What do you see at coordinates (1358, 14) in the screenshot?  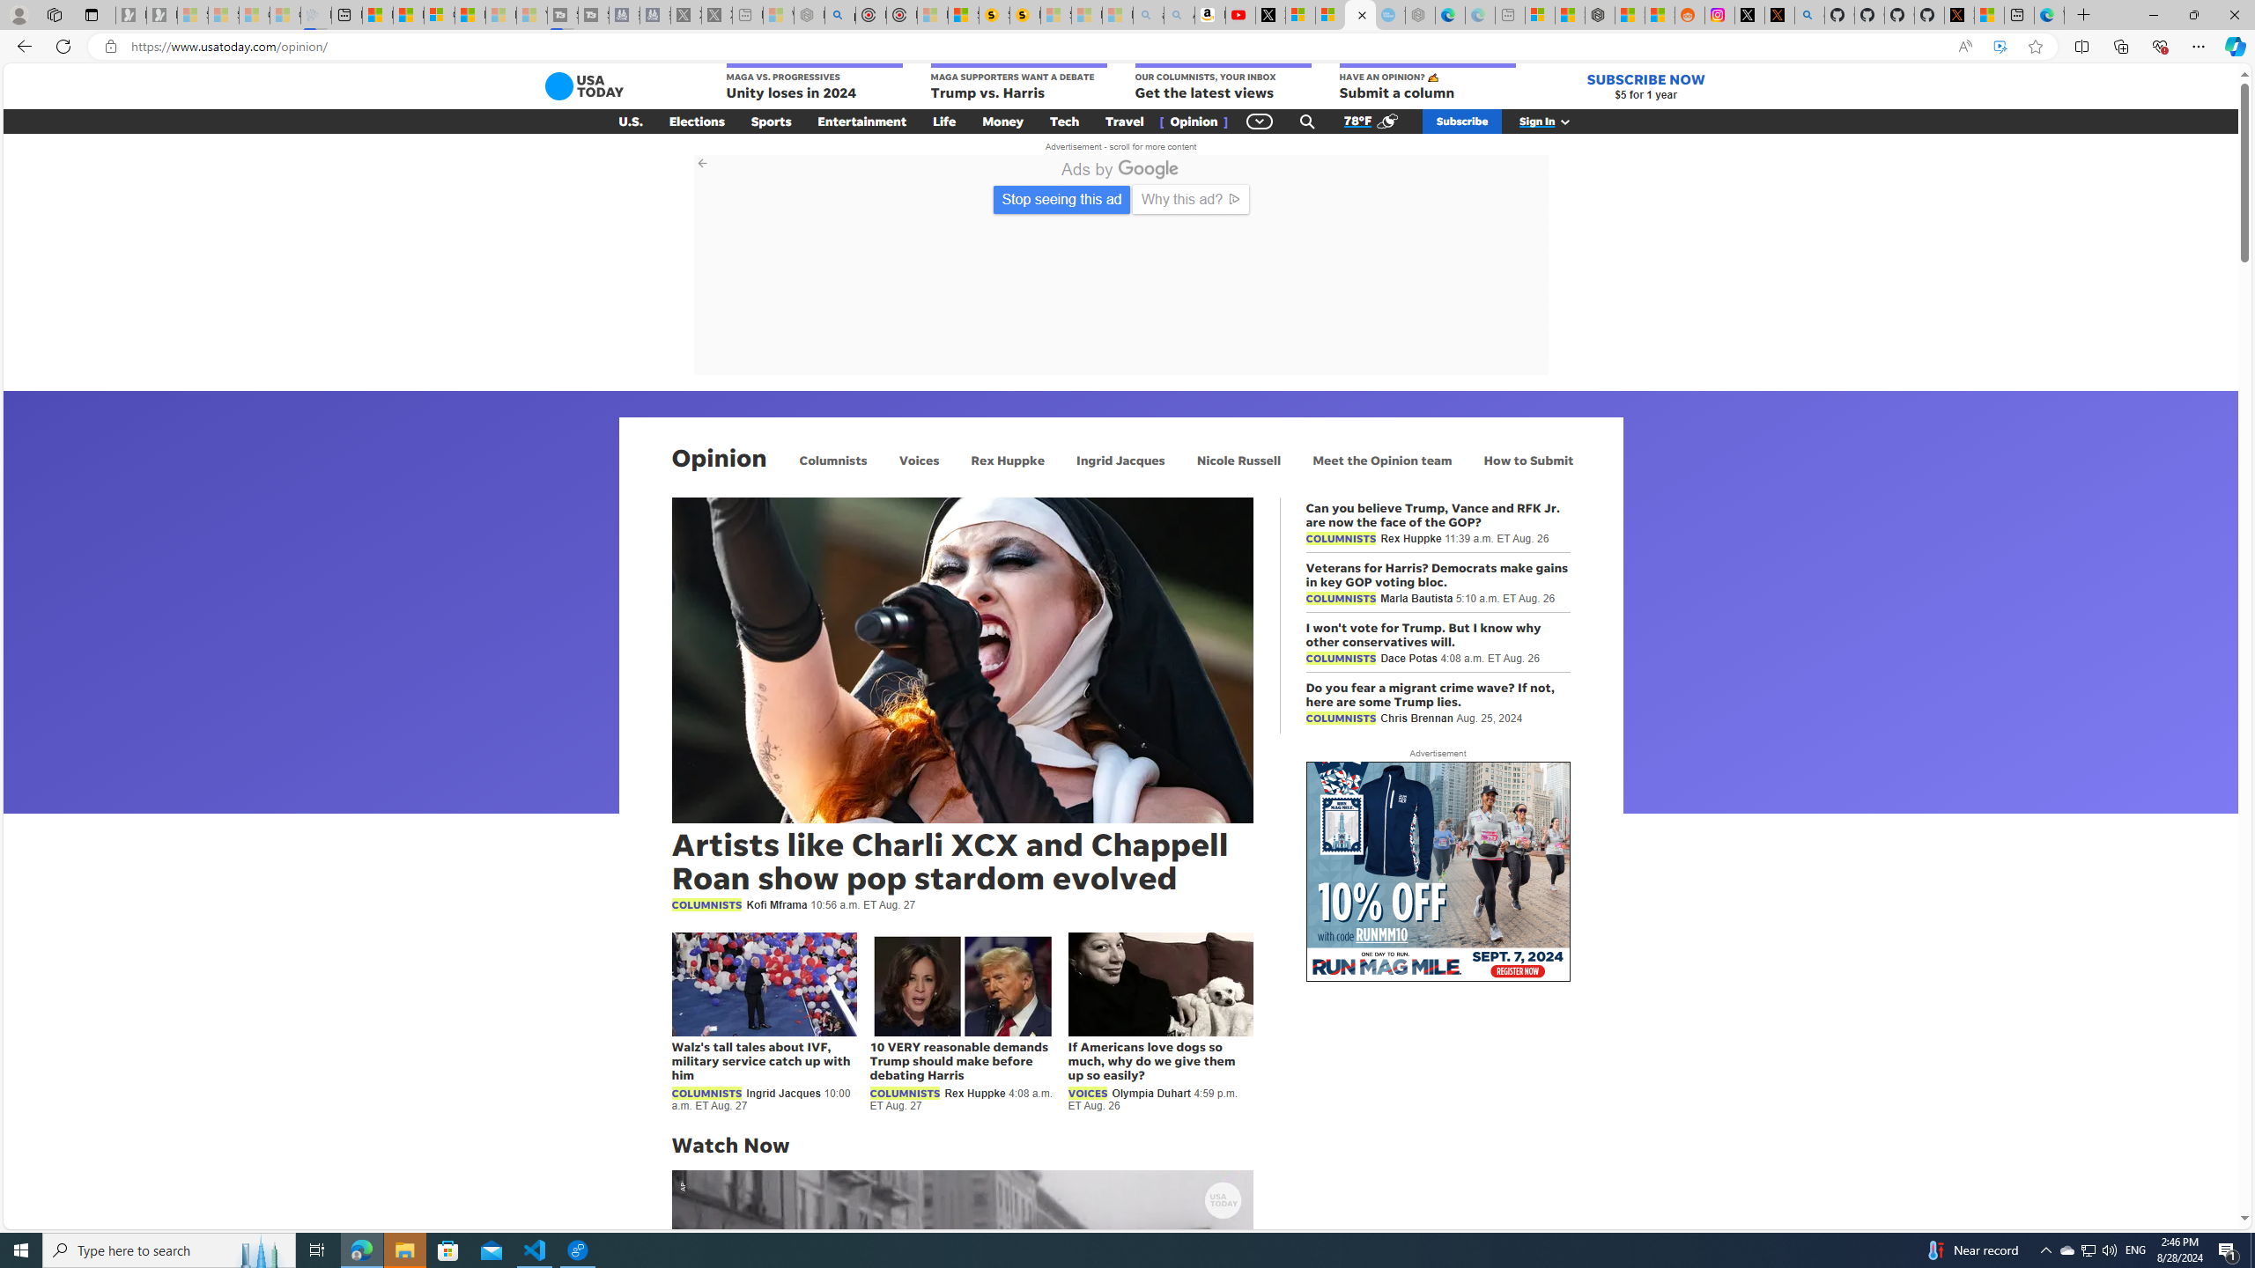 I see `'Opinion: Op-Ed and Commentary - USA TODAY'` at bounding box center [1358, 14].